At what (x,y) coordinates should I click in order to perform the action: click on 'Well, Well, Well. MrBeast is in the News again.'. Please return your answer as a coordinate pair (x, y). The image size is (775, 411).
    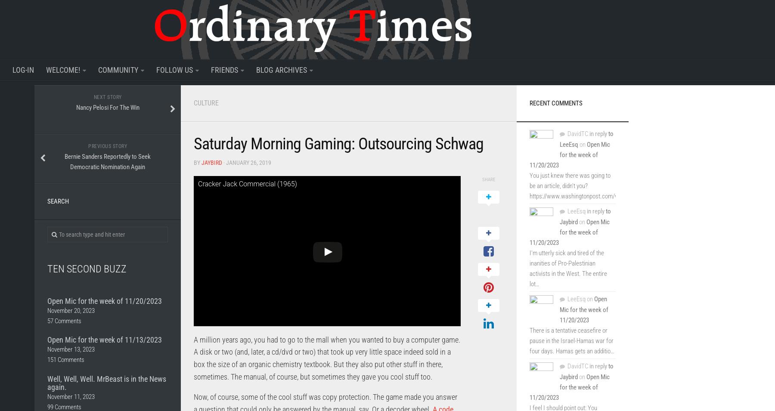
    Looking at the image, I should click on (106, 383).